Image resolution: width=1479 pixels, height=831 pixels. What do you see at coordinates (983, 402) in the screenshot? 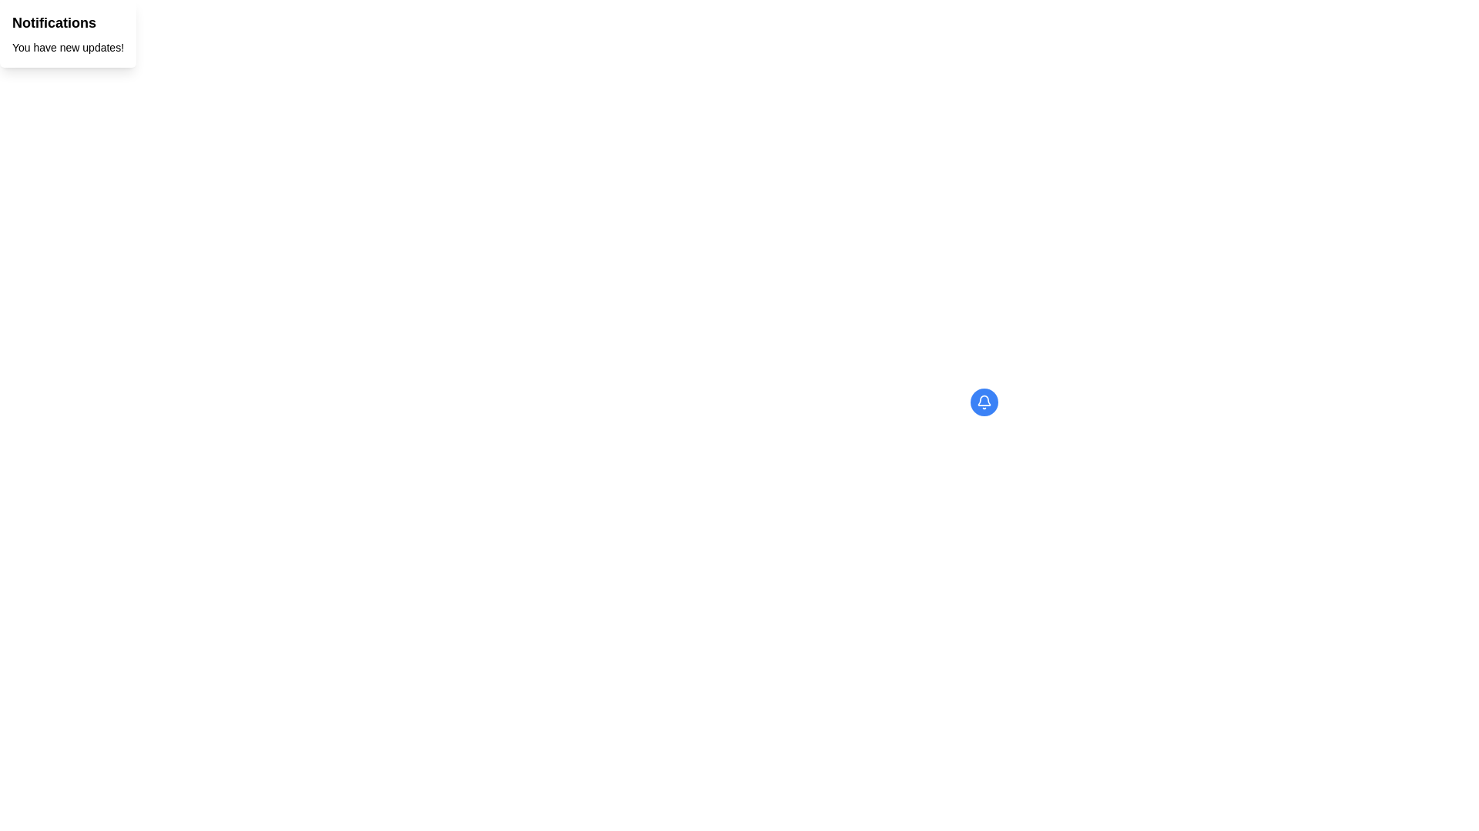
I see `the bell button located near the center of the interface` at bounding box center [983, 402].